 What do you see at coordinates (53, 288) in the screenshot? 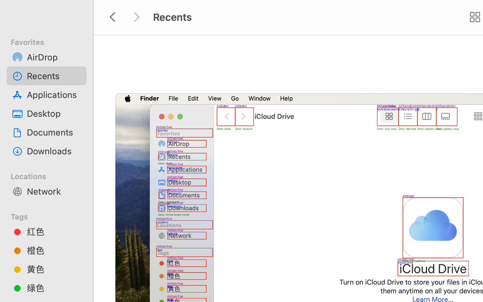
I see `'绿色'` at bounding box center [53, 288].